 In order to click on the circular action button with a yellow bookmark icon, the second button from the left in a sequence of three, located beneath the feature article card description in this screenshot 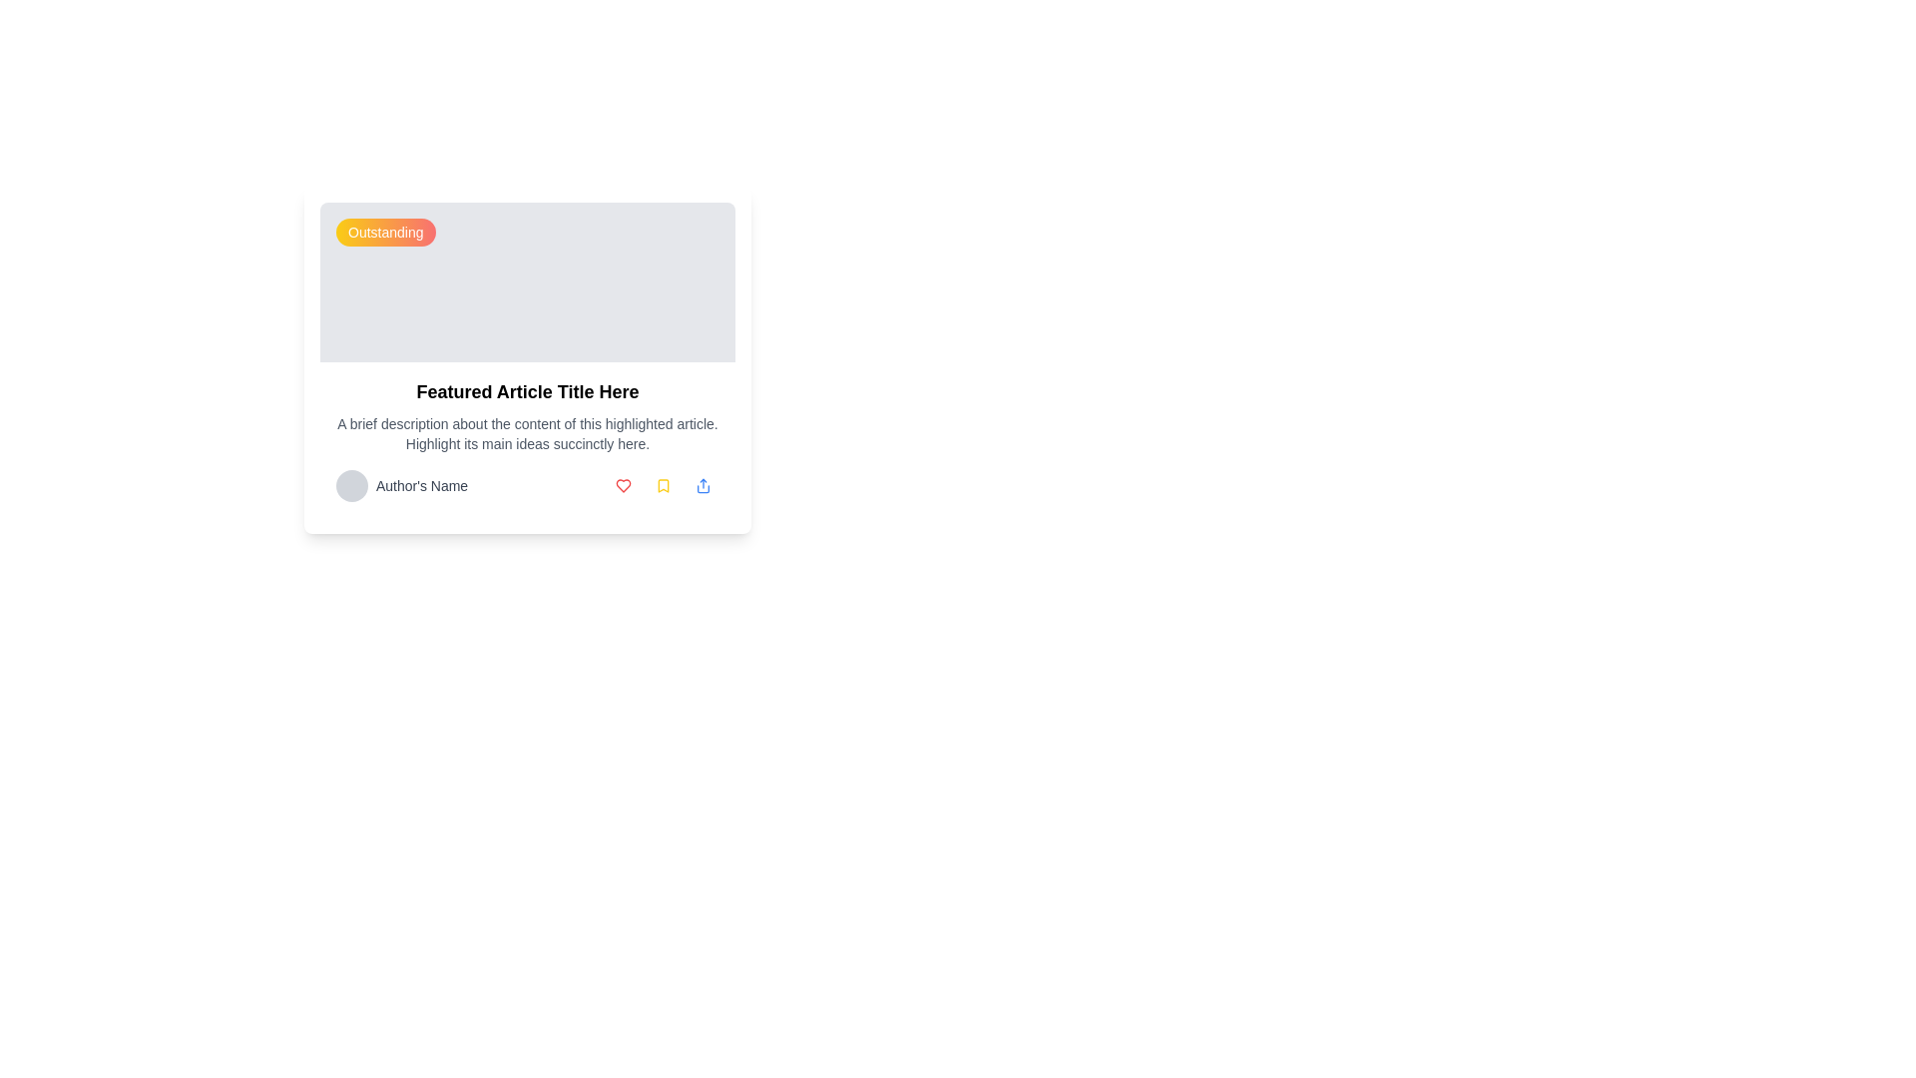, I will do `click(664, 485)`.